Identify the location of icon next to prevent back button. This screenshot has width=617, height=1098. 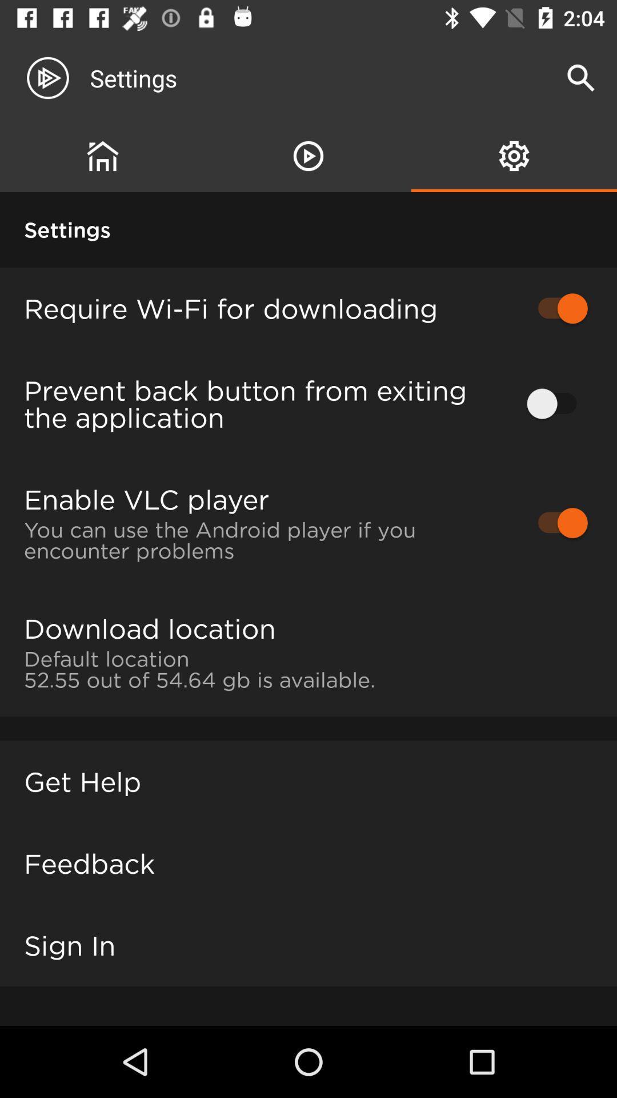
(556, 404).